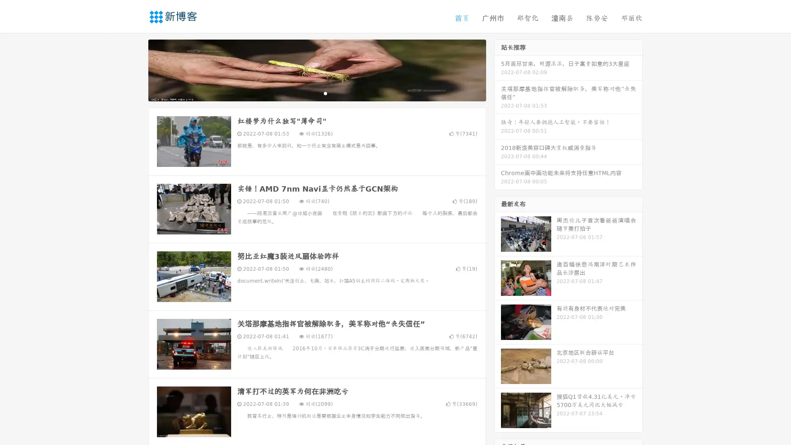 This screenshot has height=445, width=791. What do you see at coordinates (498, 69) in the screenshot?
I see `Next slide` at bounding box center [498, 69].